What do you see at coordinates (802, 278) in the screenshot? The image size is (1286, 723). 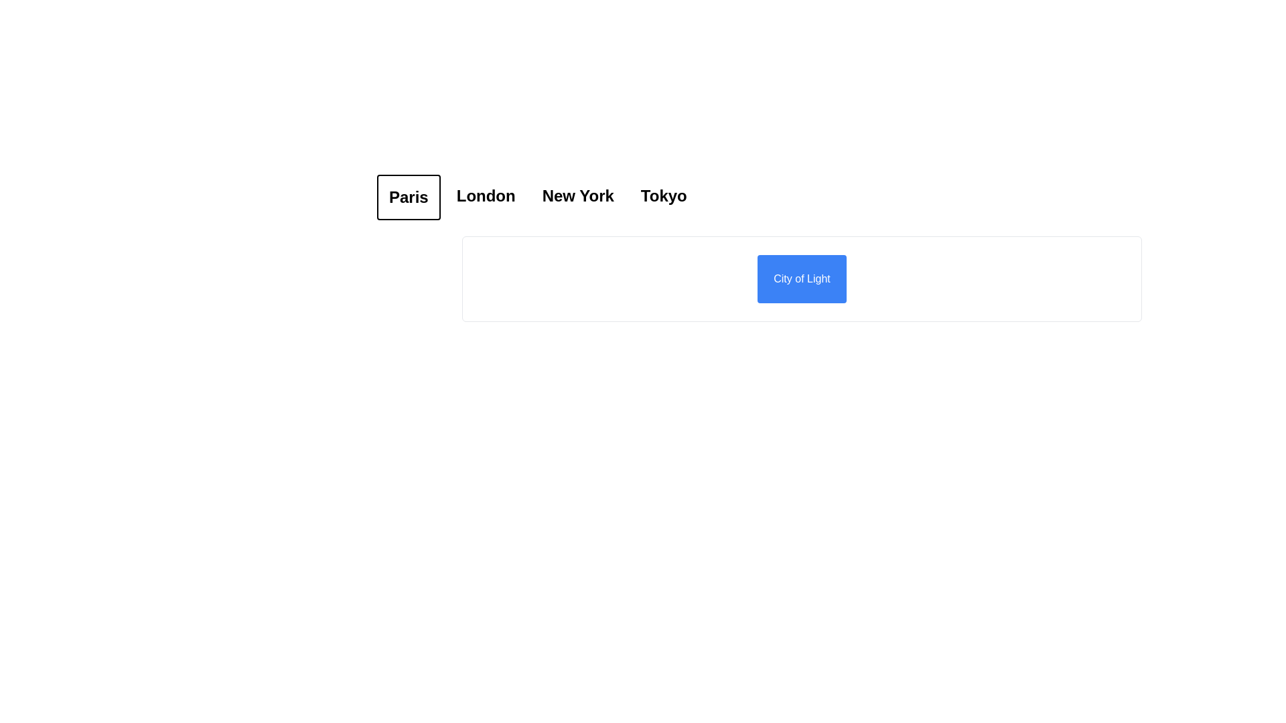 I see `the rectangular button with rounded corners that has a blue background and centered white text reading 'City of Light'` at bounding box center [802, 278].